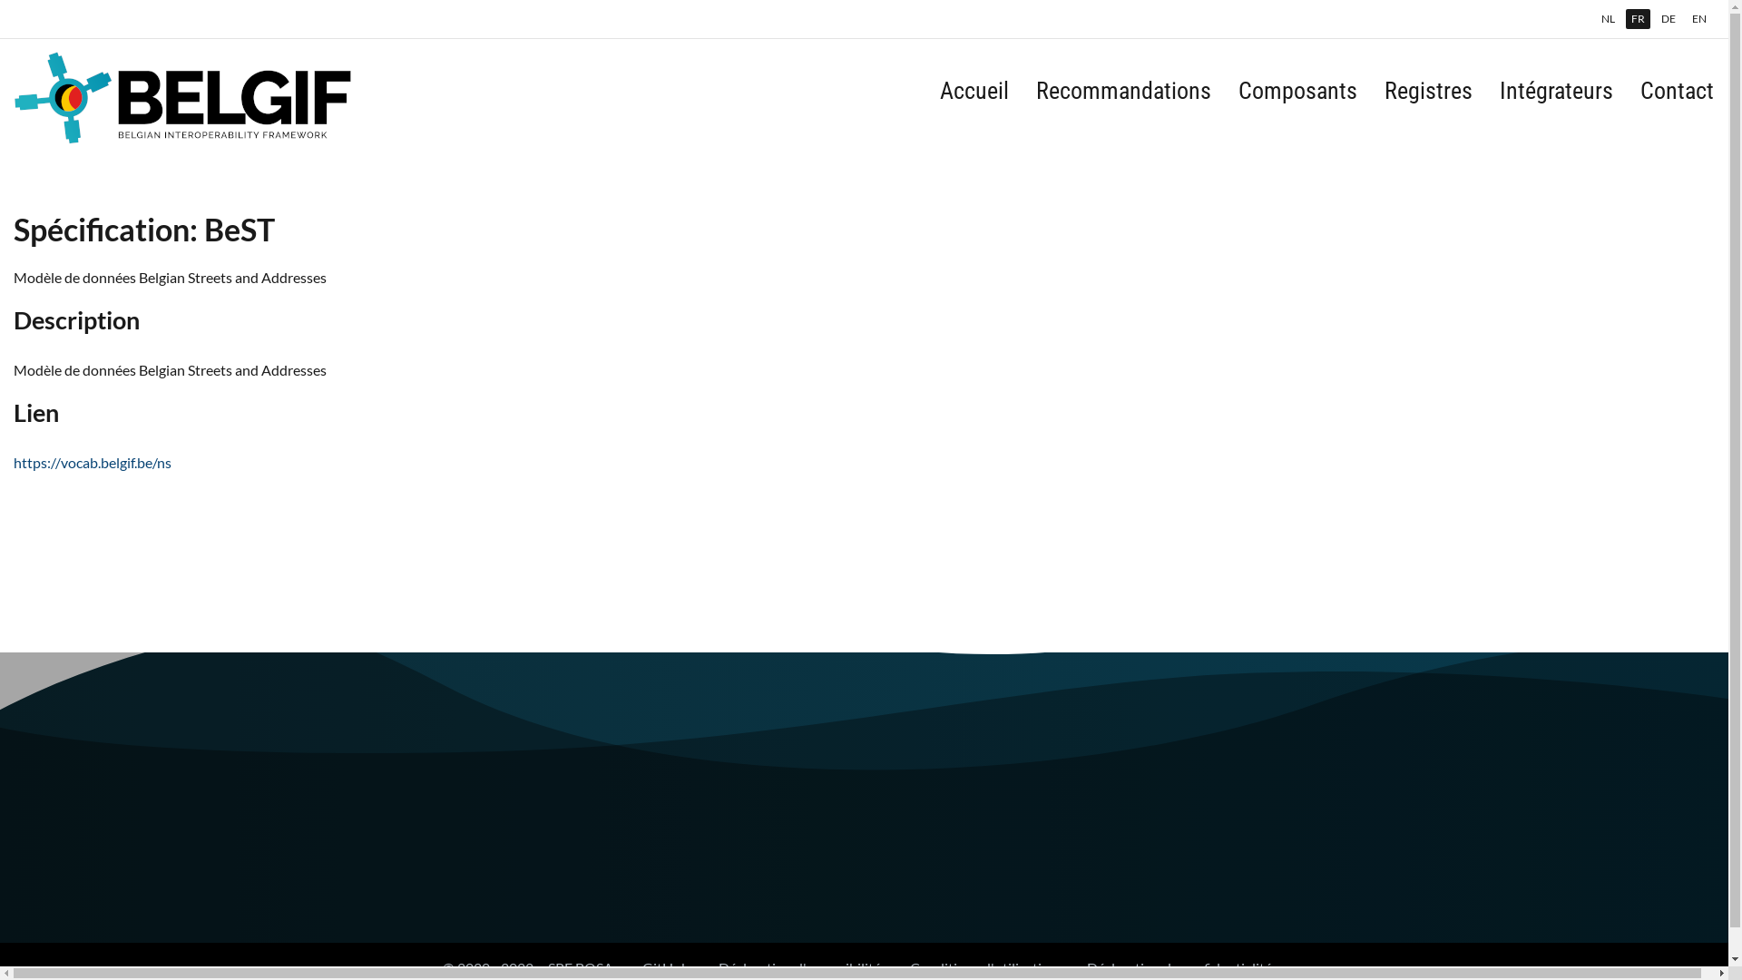  What do you see at coordinates (1668, 18) in the screenshot?
I see `'DE'` at bounding box center [1668, 18].